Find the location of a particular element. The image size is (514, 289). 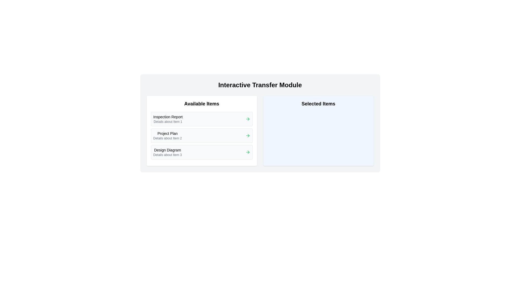

the Label with subtitle containing 'Project Plan' and 'Details about Item 2' in the second row of the 'Available Items' list is located at coordinates (167, 135).